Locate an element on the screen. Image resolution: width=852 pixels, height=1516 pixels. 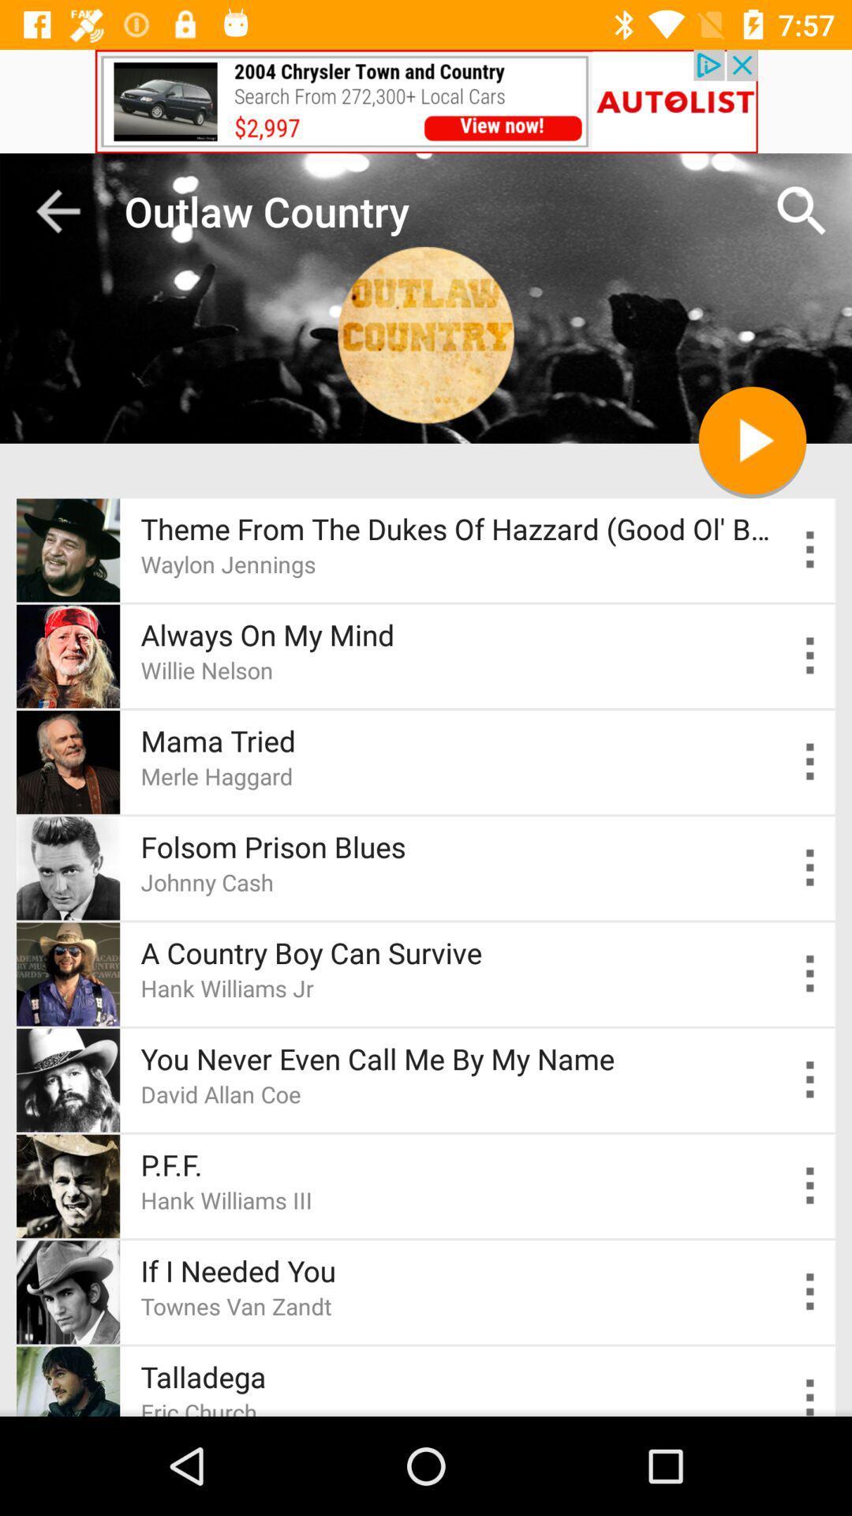
autoplay option is located at coordinates (810, 1292).